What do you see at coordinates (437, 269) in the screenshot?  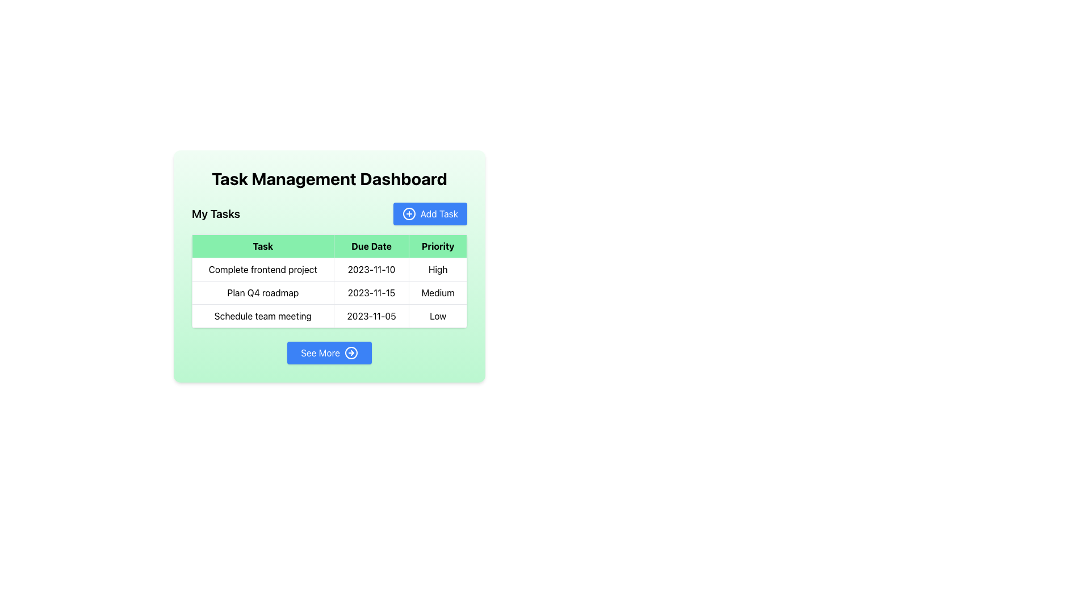 I see `text 'High' from the table cell located in the 'Priority' column of the first row, which is the third cell in the row adjacent to the date '2023-11-10'` at bounding box center [437, 269].